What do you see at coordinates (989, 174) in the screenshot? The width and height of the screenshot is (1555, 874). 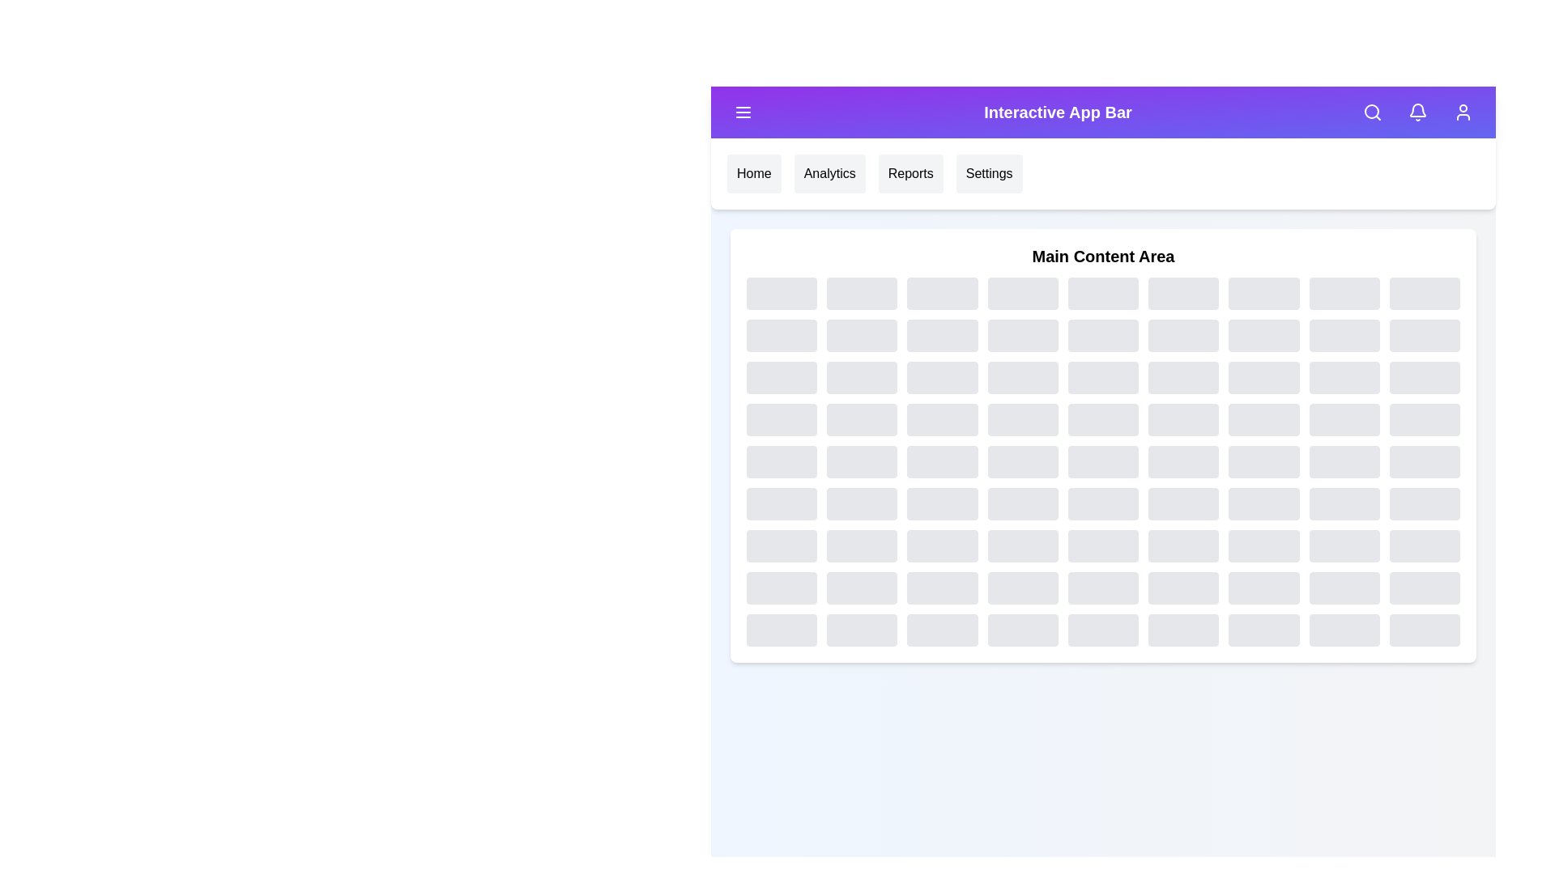 I see `the menu item Settings to navigate to the corresponding section` at bounding box center [989, 174].